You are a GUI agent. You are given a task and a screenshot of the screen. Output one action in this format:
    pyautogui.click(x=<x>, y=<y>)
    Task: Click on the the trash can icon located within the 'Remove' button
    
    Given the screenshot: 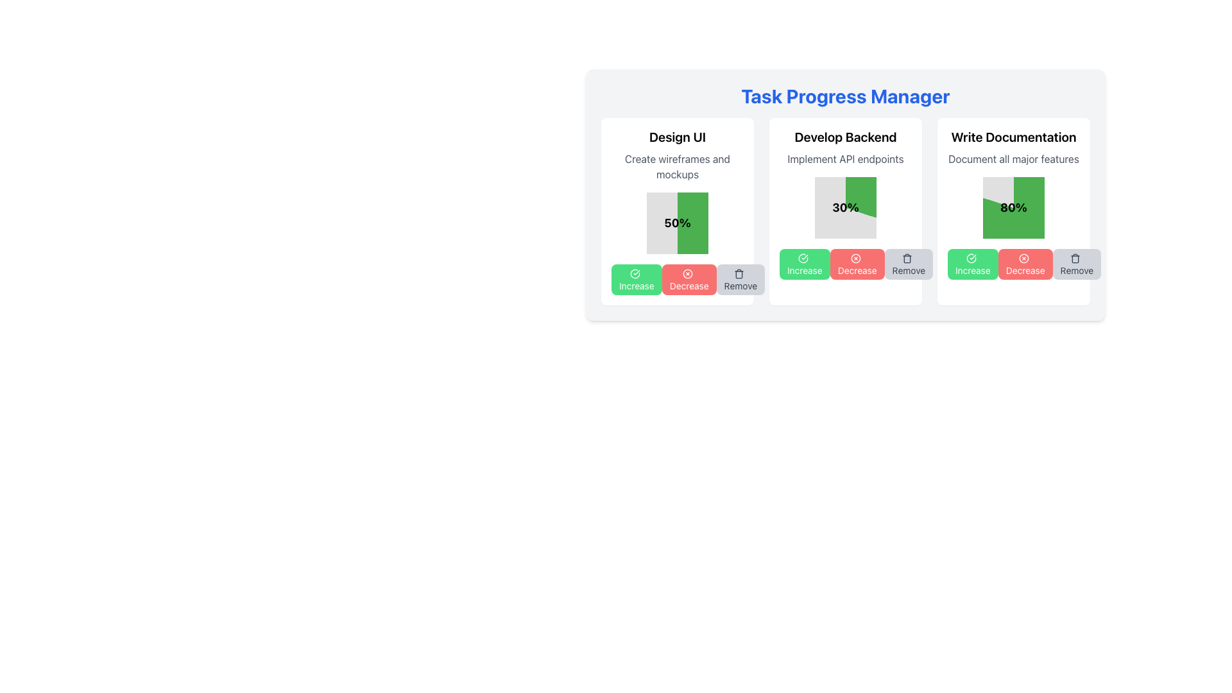 What is the action you would take?
    pyautogui.click(x=739, y=273)
    